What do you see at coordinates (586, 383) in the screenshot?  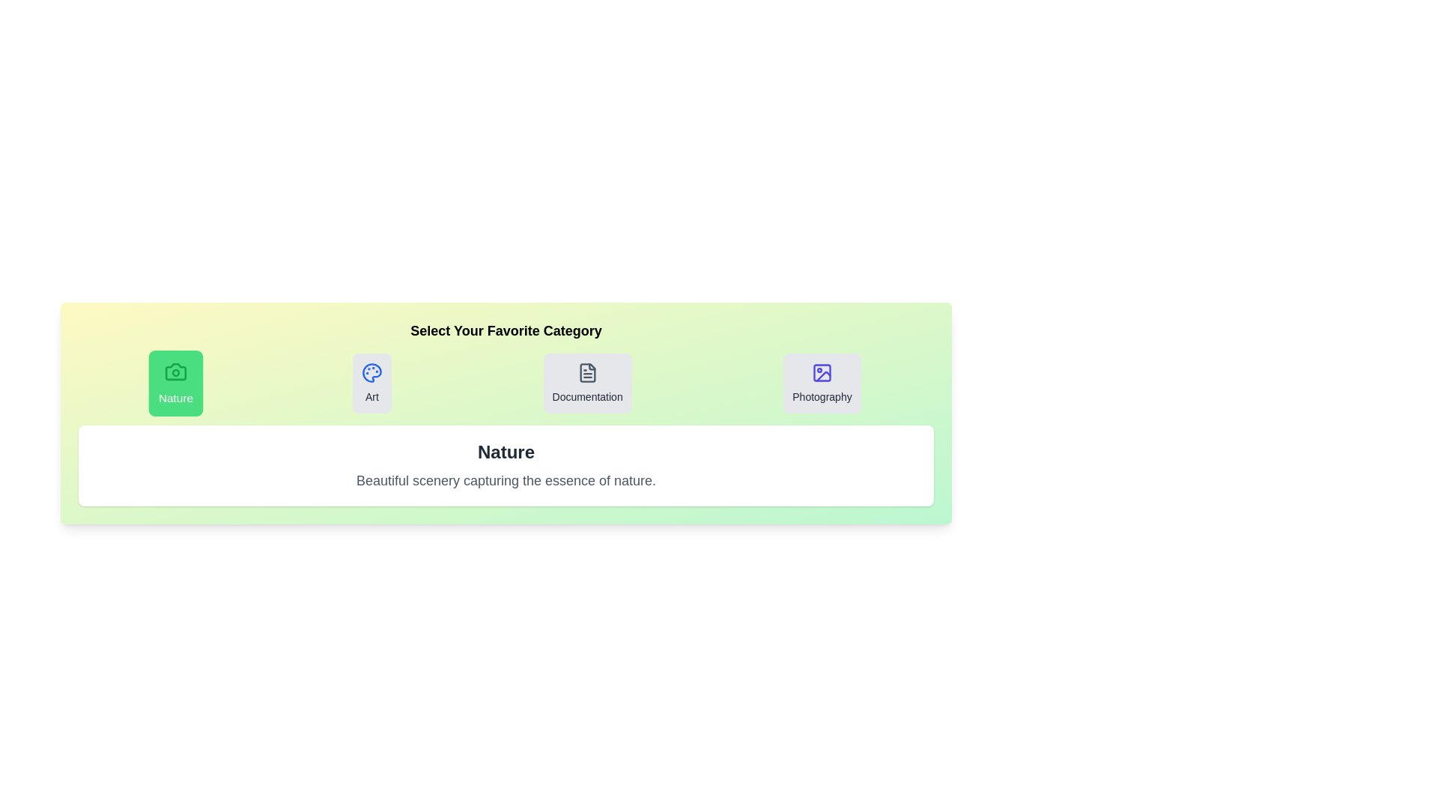 I see `the tab for Documentation to observe the hover effect` at bounding box center [586, 383].